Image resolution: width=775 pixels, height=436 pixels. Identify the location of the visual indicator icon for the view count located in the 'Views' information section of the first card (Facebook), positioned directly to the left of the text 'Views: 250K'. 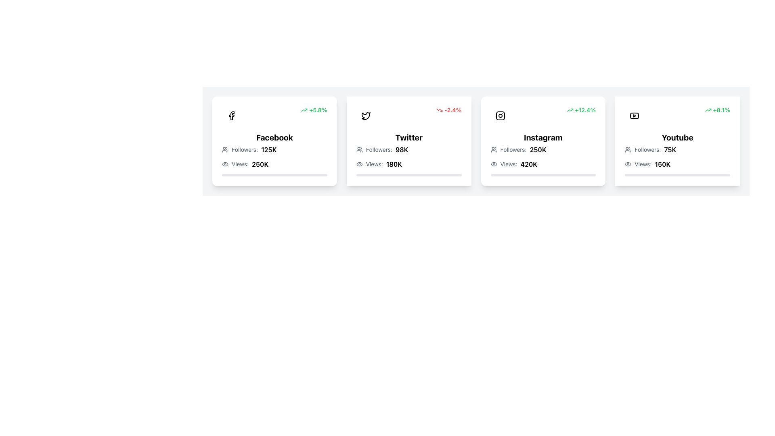
(225, 164).